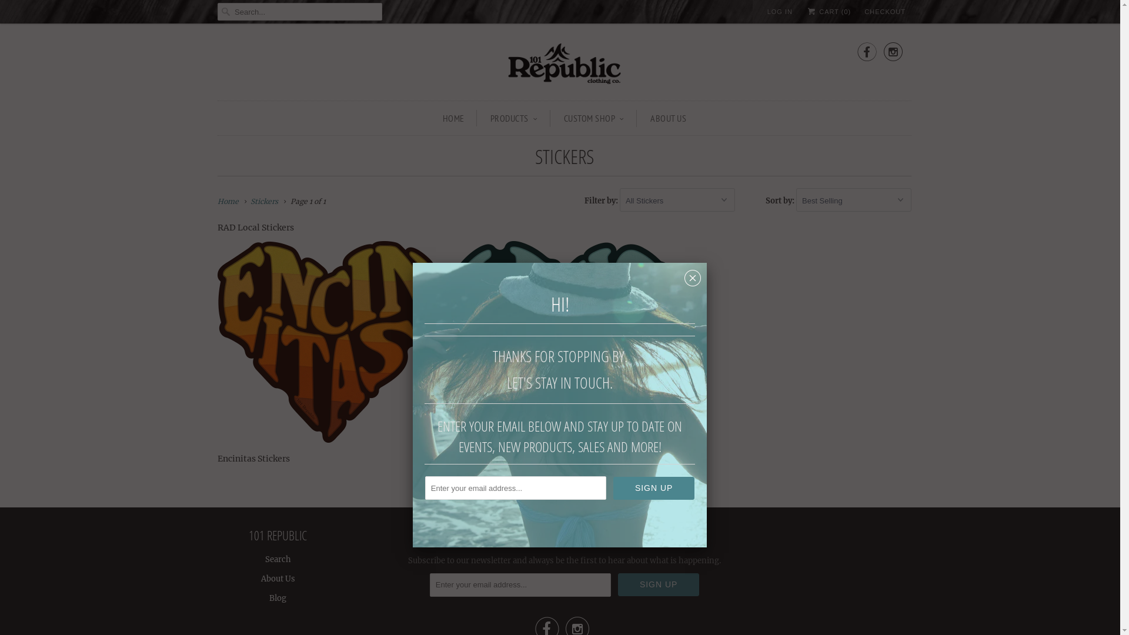  What do you see at coordinates (277, 598) in the screenshot?
I see `'Blog'` at bounding box center [277, 598].